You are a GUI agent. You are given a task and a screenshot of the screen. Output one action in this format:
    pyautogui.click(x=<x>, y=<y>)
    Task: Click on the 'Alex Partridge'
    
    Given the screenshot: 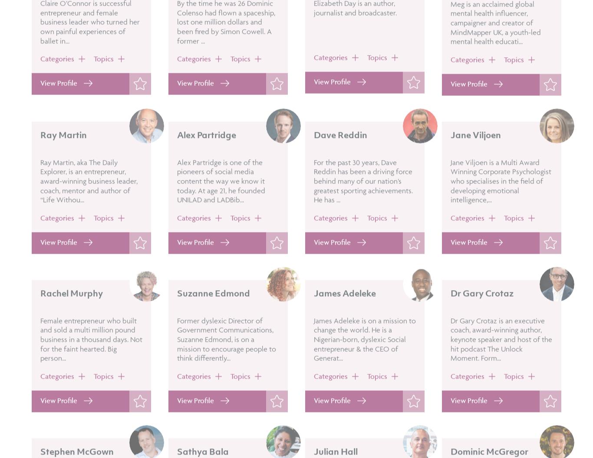 What is the action you would take?
    pyautogui.click(x=207, y=158)
    